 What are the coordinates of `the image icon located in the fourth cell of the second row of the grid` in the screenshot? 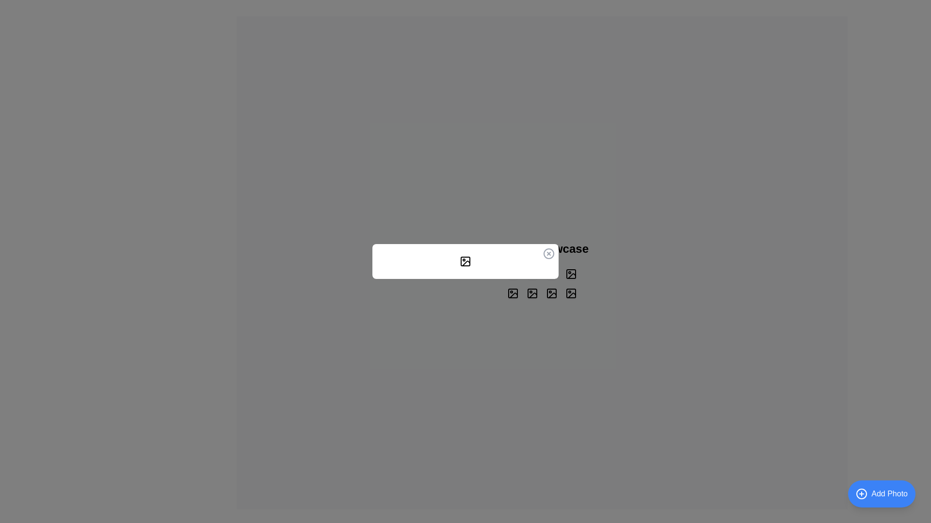 It's located at (512, 292).